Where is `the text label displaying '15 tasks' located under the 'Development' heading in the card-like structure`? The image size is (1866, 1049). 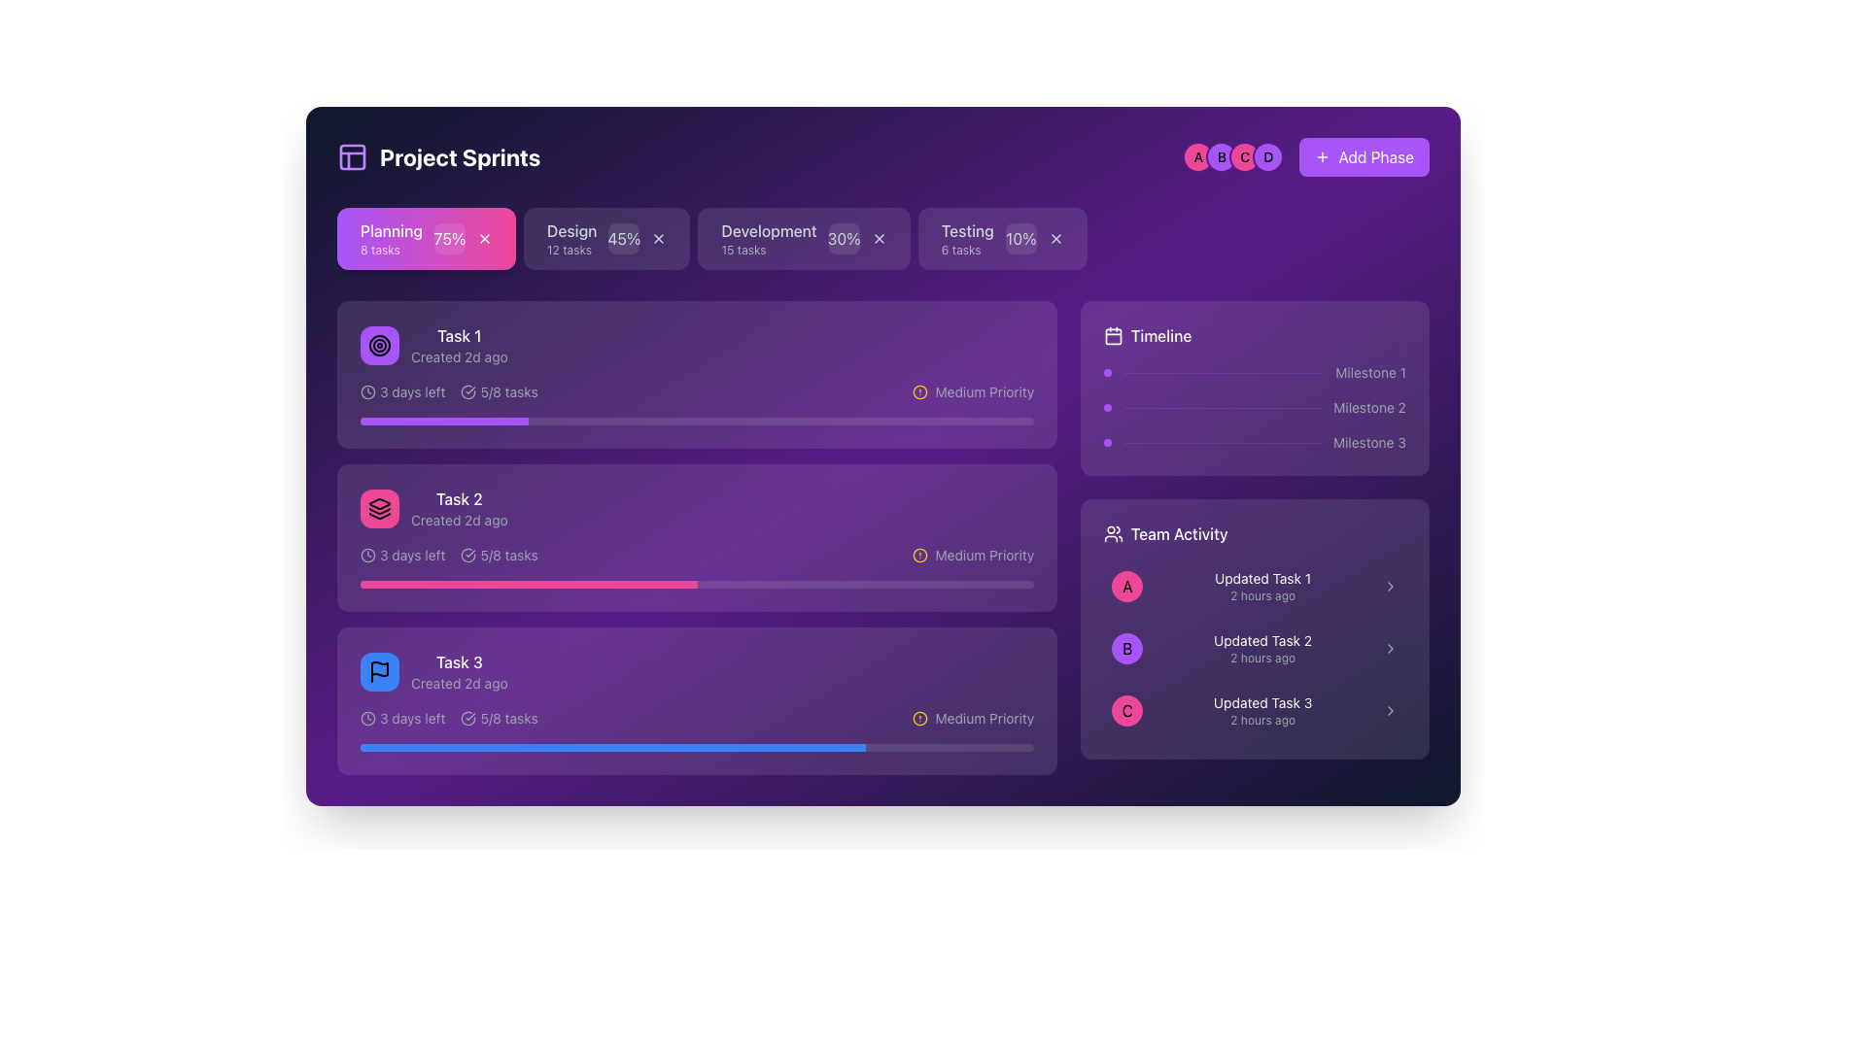 the text label displaying '15 tasks' located under the 'Development' heading in the card-like structure is located at coordinates (743, 250).